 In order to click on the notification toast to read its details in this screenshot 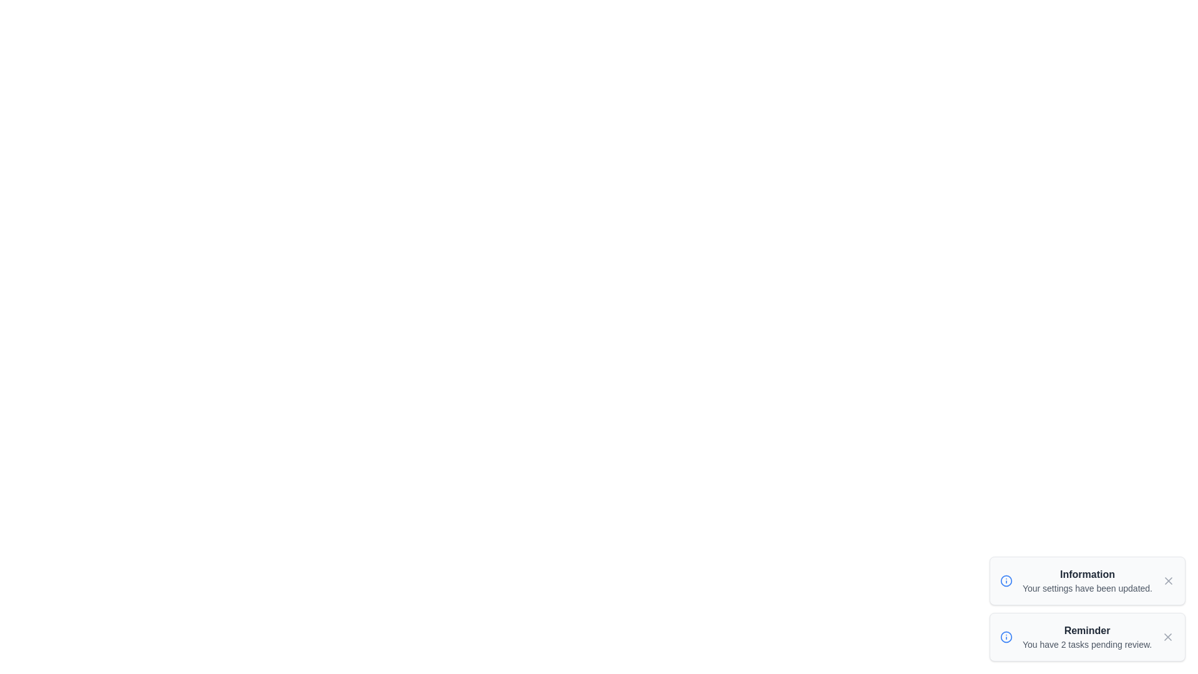, I will do `click(1086, 580)`.